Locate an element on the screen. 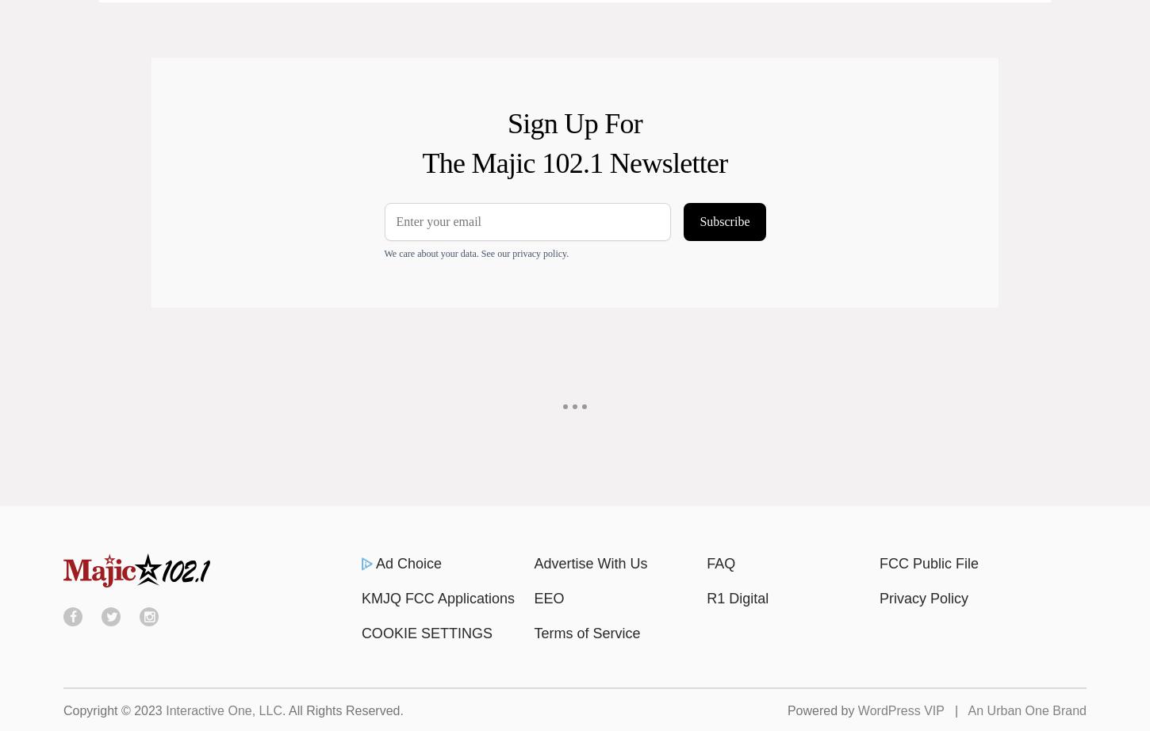 The image size is (1150, 731). '|' is located at coordinates (954, 709).